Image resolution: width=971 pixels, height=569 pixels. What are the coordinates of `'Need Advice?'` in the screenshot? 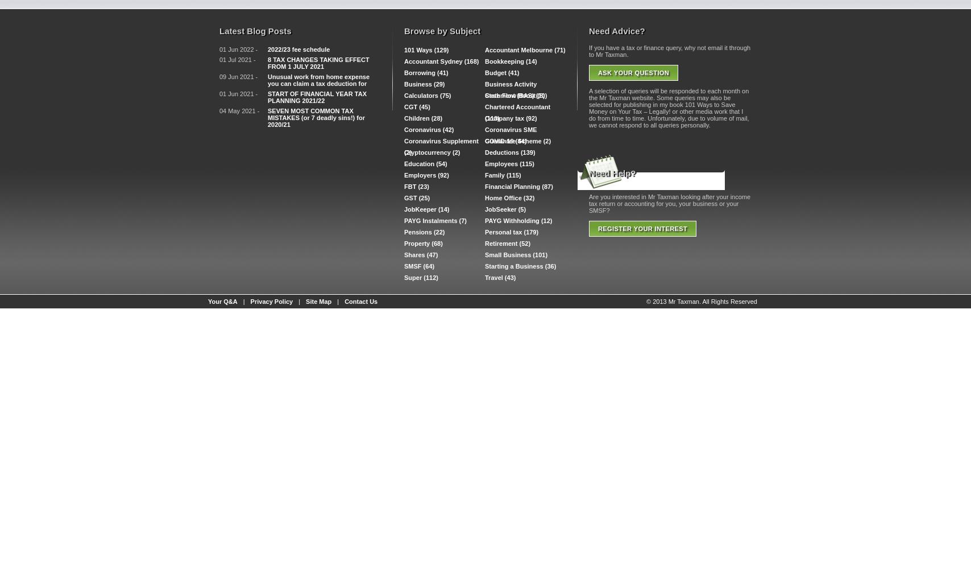 It's located at (616, 31).